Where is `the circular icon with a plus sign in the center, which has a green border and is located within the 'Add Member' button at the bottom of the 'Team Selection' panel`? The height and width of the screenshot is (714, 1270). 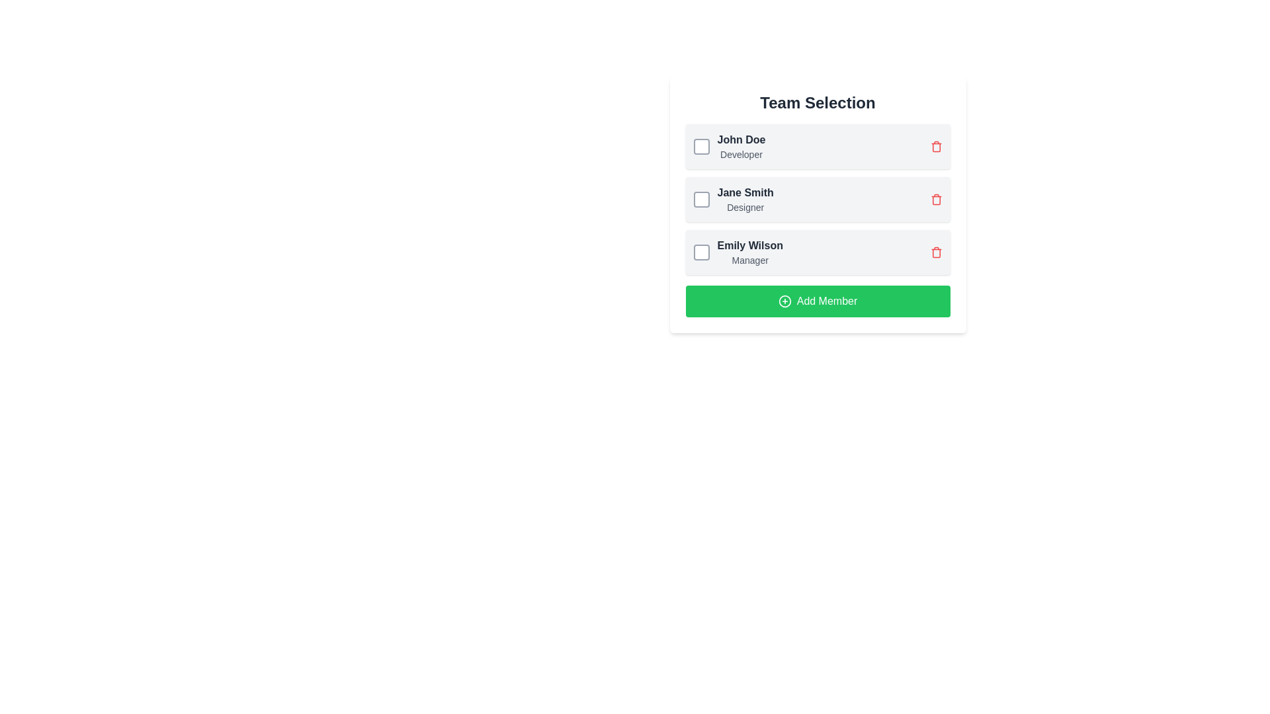 the circular icon with a plus sign in the center, which has a green border and is located within the 'Add Member' button at the bottom of the 'Team Selection' panel is located at coordinates (784, 301).